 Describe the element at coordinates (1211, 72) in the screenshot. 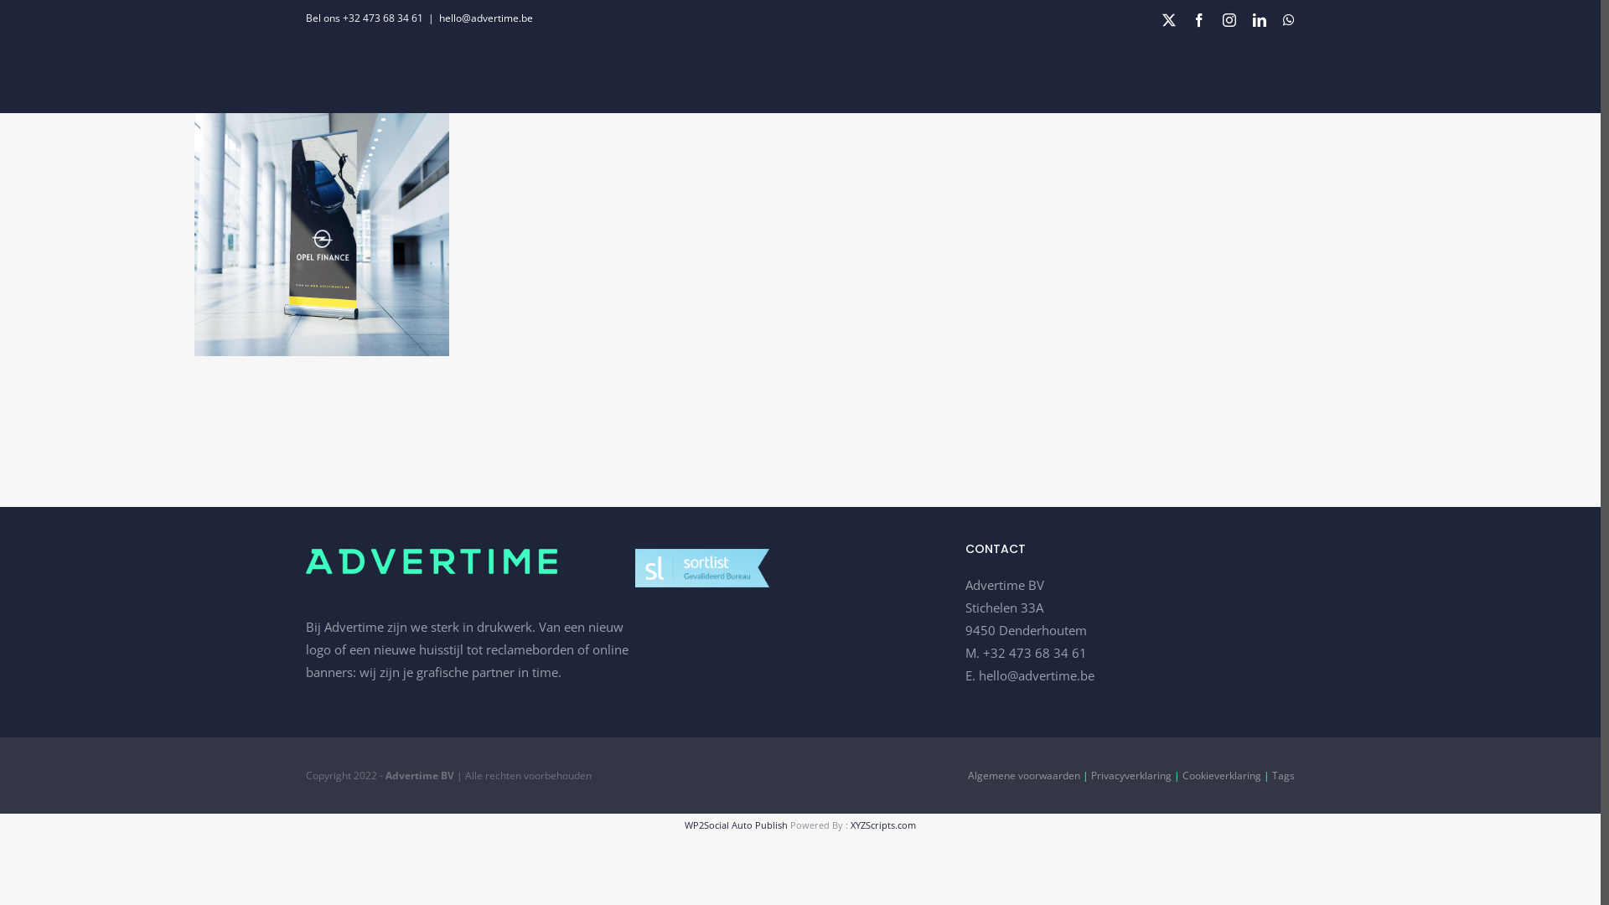

I see `'CONTACT'` at that location.